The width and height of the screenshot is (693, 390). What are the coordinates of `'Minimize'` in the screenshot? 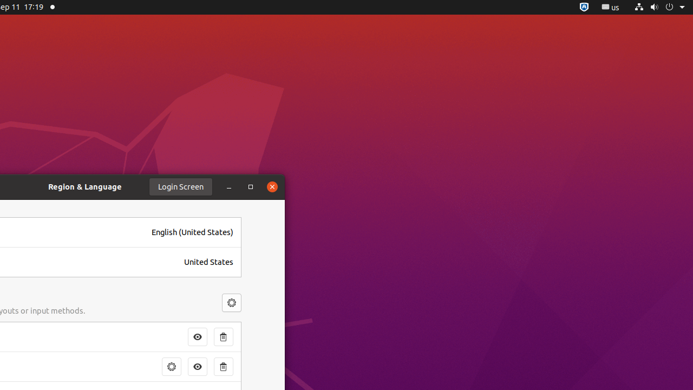 It's located at (228, 186).